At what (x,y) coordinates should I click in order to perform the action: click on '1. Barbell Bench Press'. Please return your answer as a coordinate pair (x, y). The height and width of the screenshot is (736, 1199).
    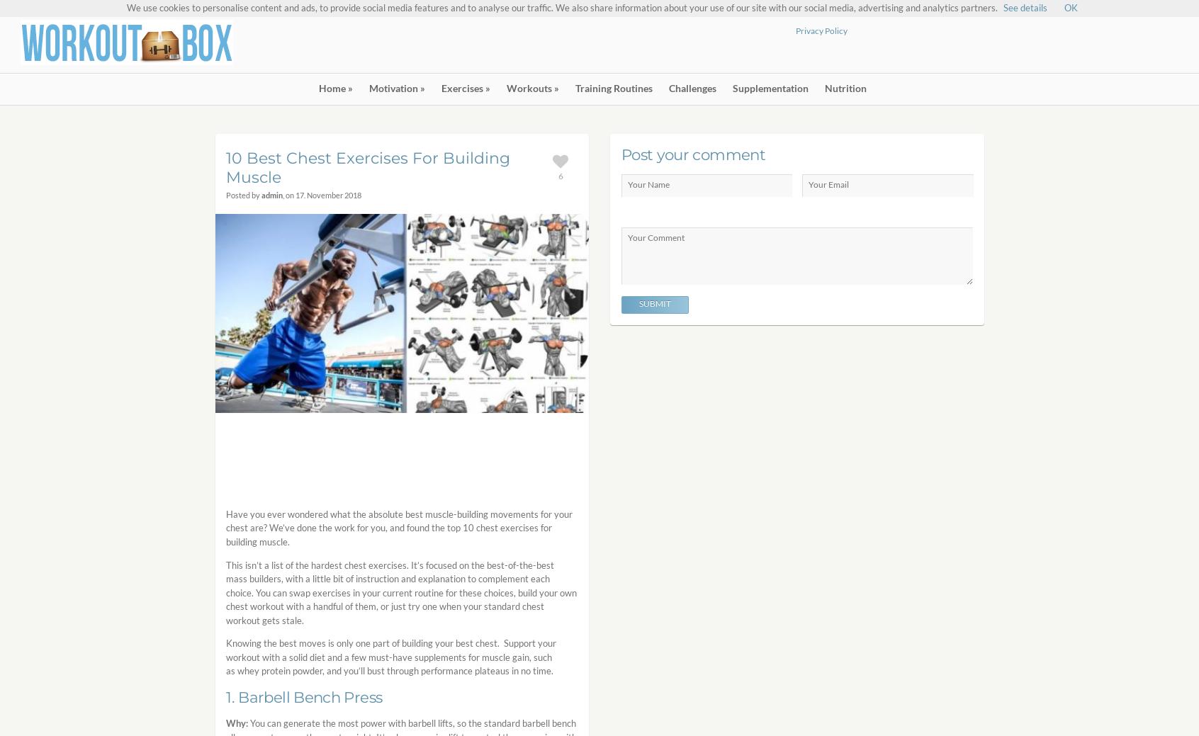
    Looking at the image, I should click on (225, 697).